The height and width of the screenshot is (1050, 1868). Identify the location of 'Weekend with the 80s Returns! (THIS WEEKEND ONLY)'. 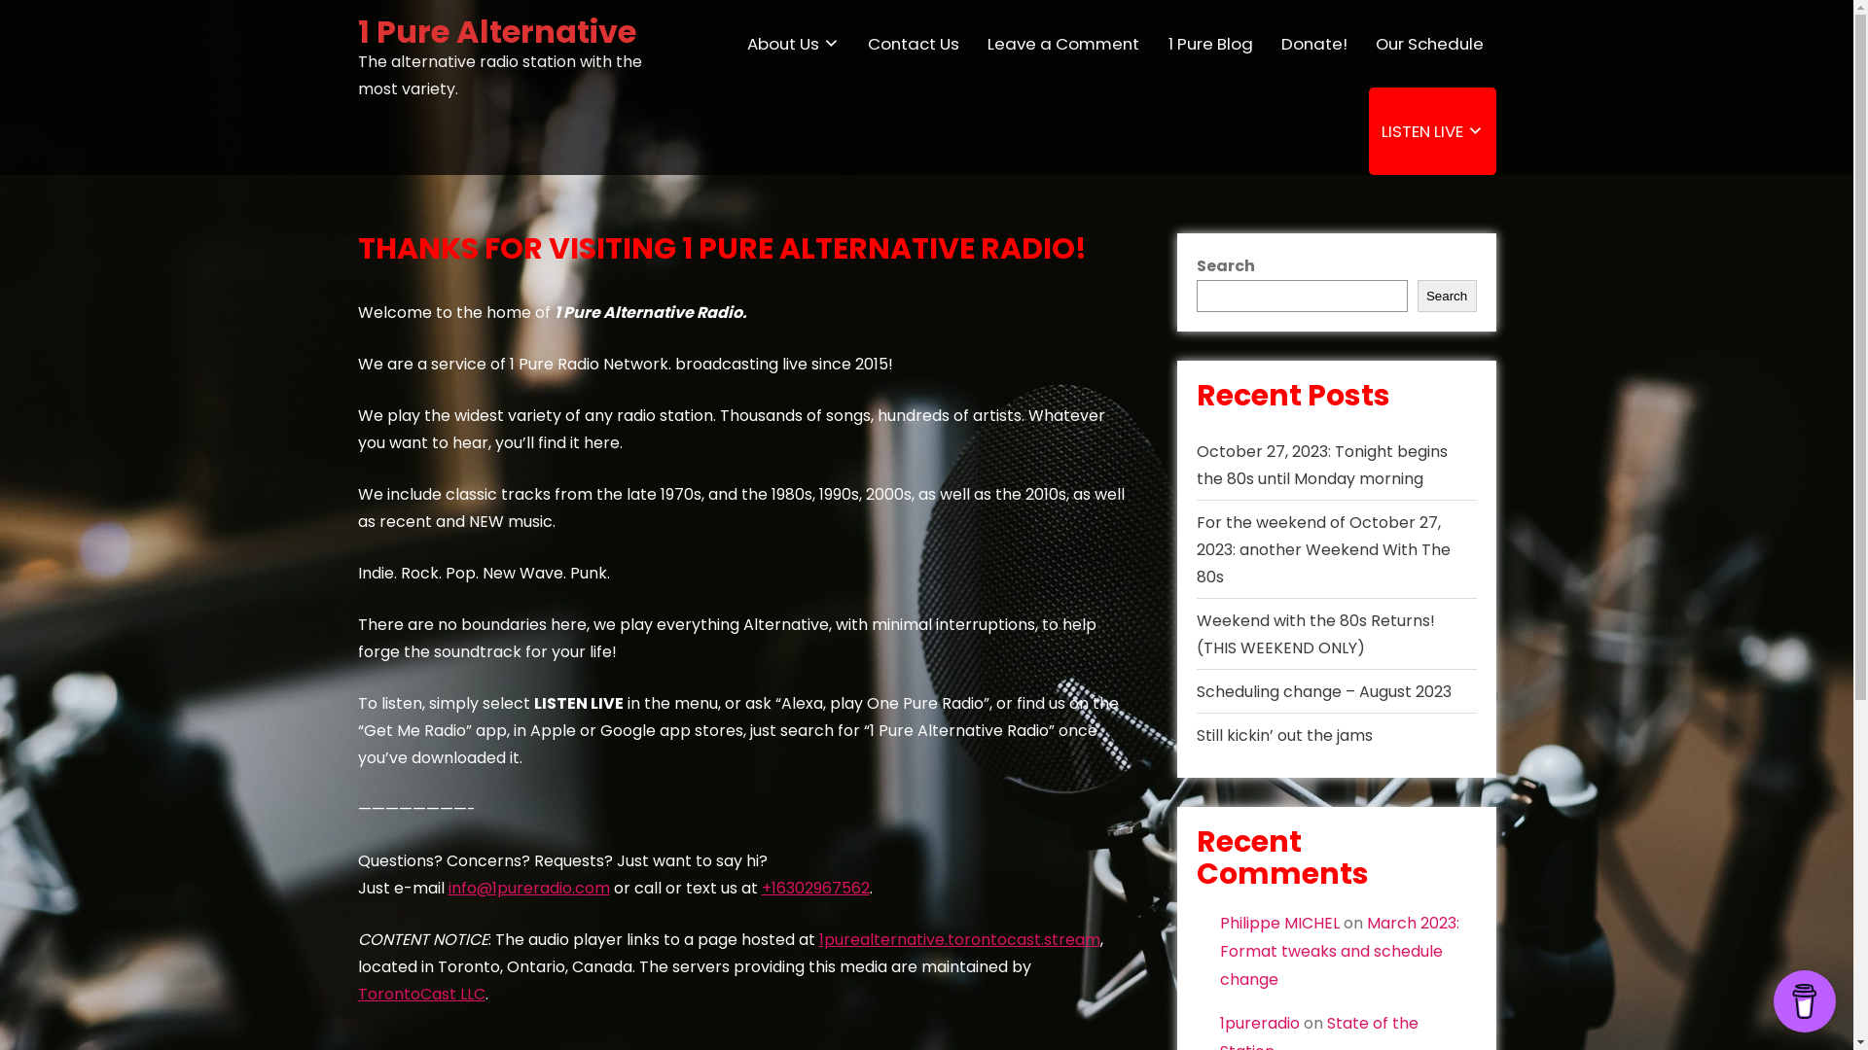
(1315, 634).